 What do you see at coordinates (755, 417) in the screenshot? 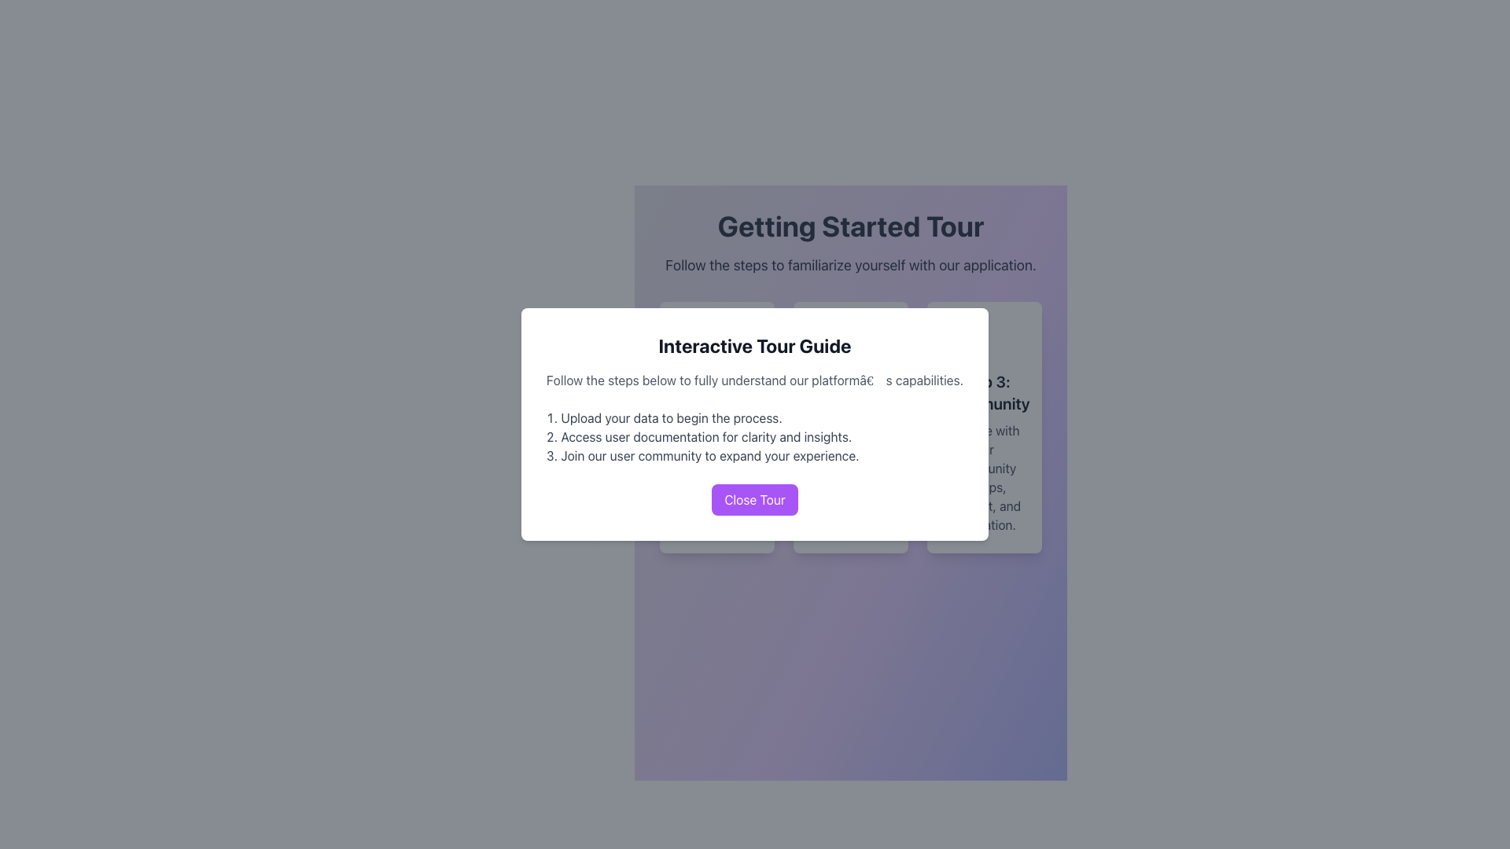
I see `instruction from the static text that says 'Upload your data to begin the process.' located at the first position in a numbered list within the 'Interactive Tour Guide' dialog box` at bounding box center [755, 417].